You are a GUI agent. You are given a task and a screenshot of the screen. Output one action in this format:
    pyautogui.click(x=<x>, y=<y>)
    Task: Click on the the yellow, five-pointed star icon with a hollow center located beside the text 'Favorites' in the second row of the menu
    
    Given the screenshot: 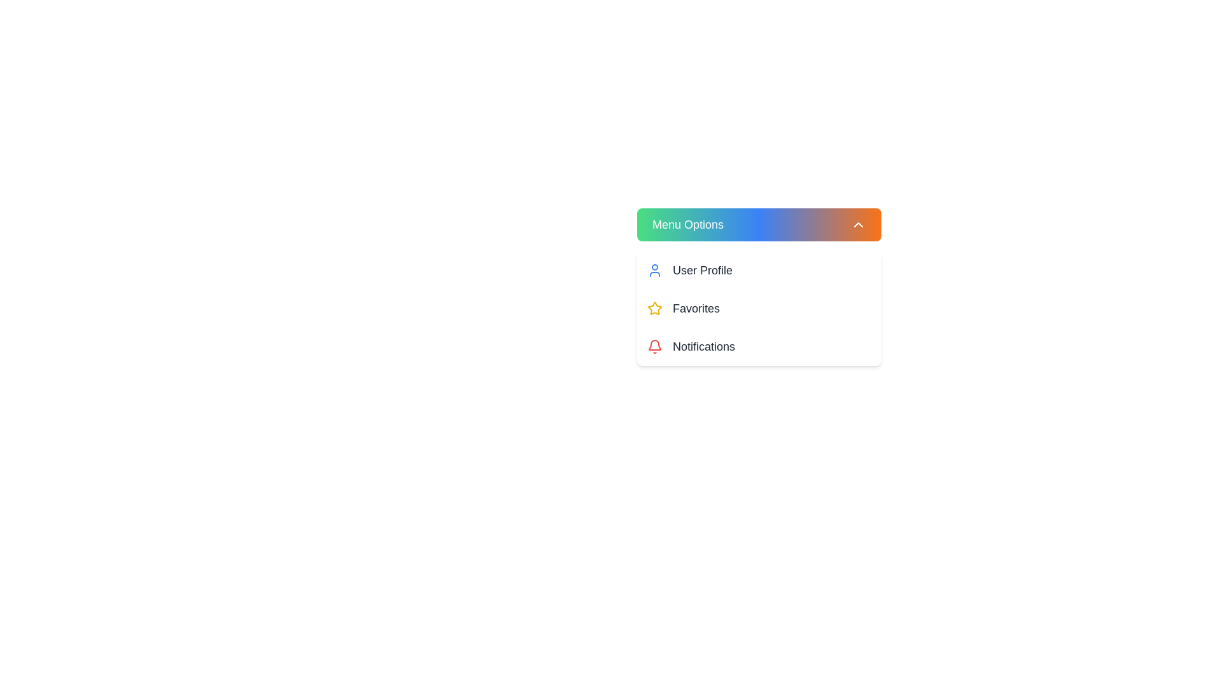 What is the action you would take?
    pyautogui.click(x=655, y=309)
    